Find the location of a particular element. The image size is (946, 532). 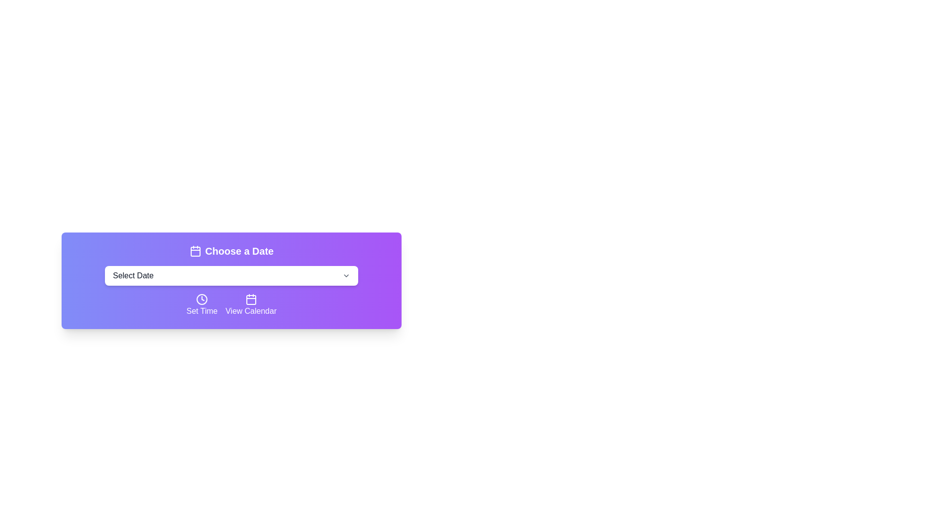

the icons of the composite UI component labeled 'Set Time' and 'View Calendar' is located at coordinates (231, 305).